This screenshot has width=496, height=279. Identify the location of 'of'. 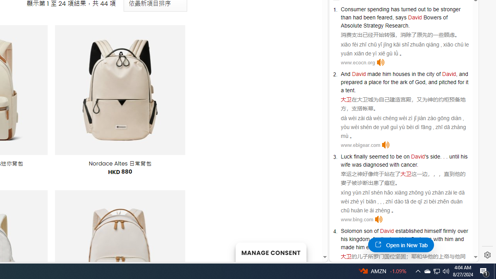
(376, 231).